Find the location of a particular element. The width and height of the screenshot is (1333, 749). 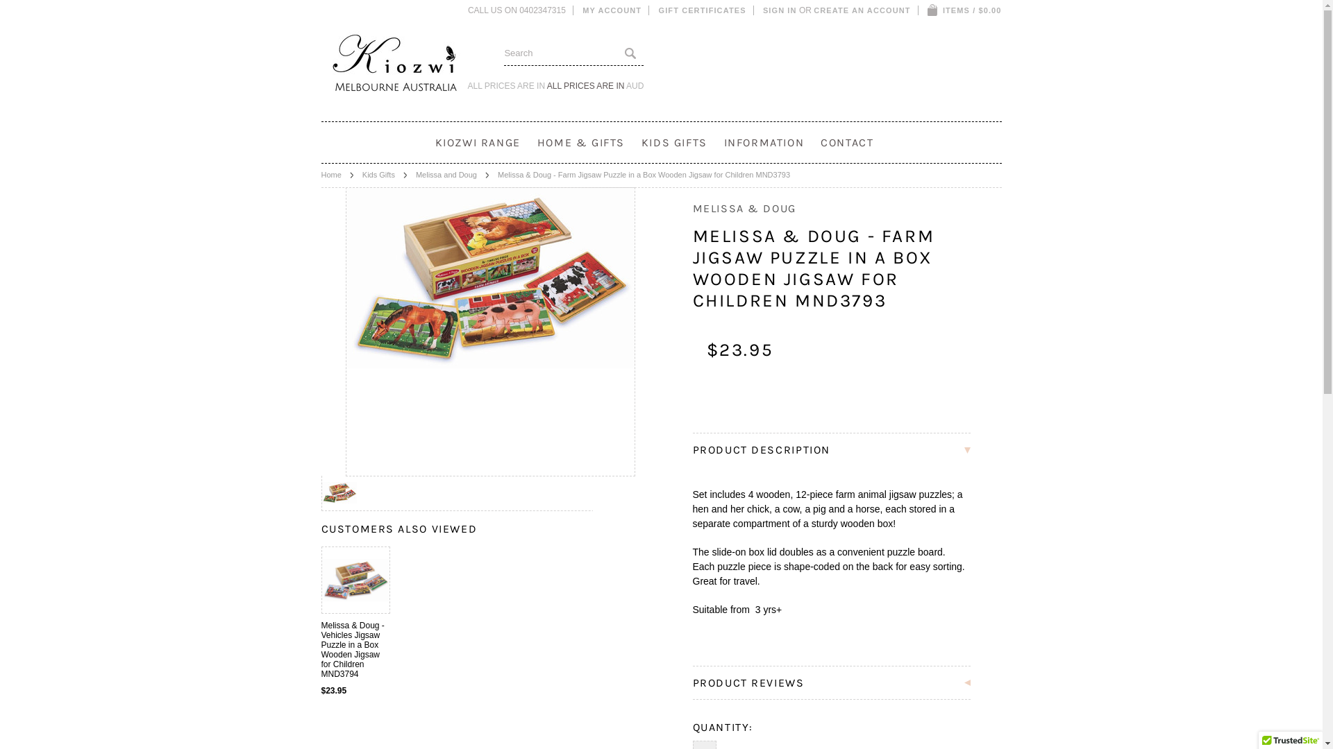

'Search' is located at coordinates (629, 52).